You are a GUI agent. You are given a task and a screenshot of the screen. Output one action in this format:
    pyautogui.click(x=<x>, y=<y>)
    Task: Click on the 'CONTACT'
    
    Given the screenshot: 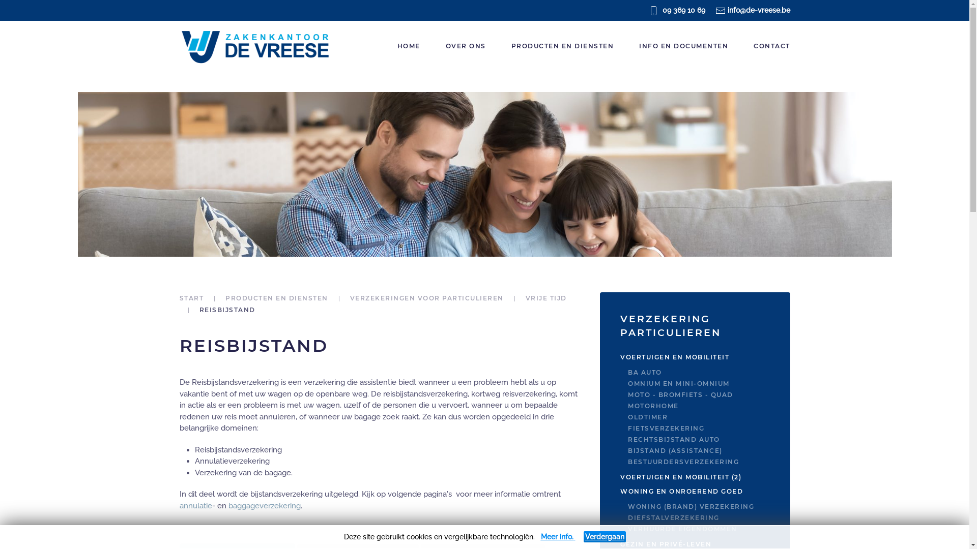 What is the action you would take?
    pyautogui.click(x=771, y=46)
    